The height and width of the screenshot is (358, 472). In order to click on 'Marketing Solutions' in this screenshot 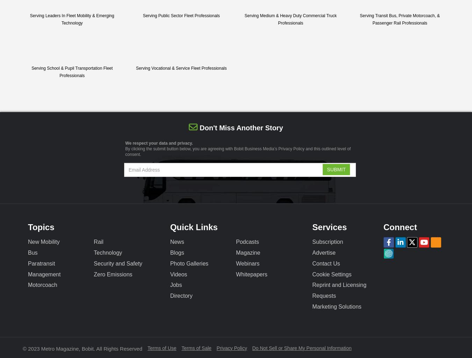, I will do `click(336, 306)`.